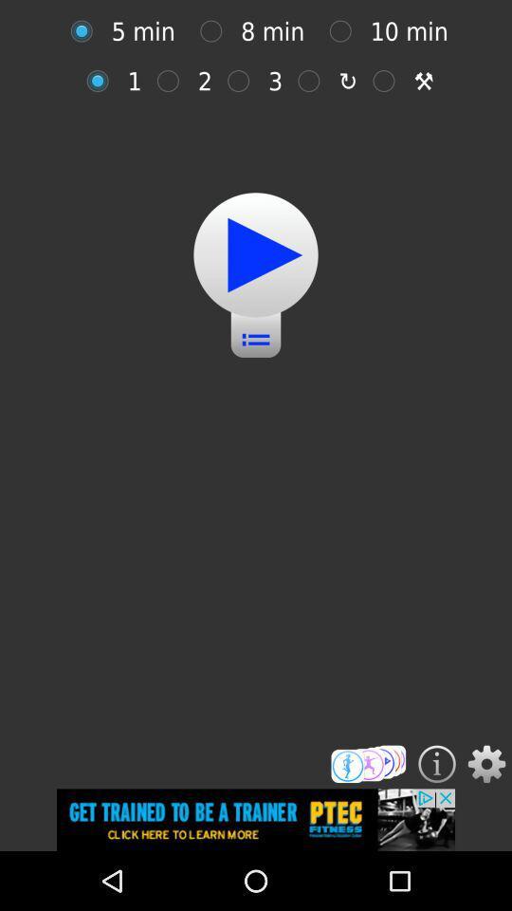 The width and height of the screenshot is (512, 911). What do you see at coordinates (437, 764) in the screenshot?
I see `information page` at bounding box center [437, 764].